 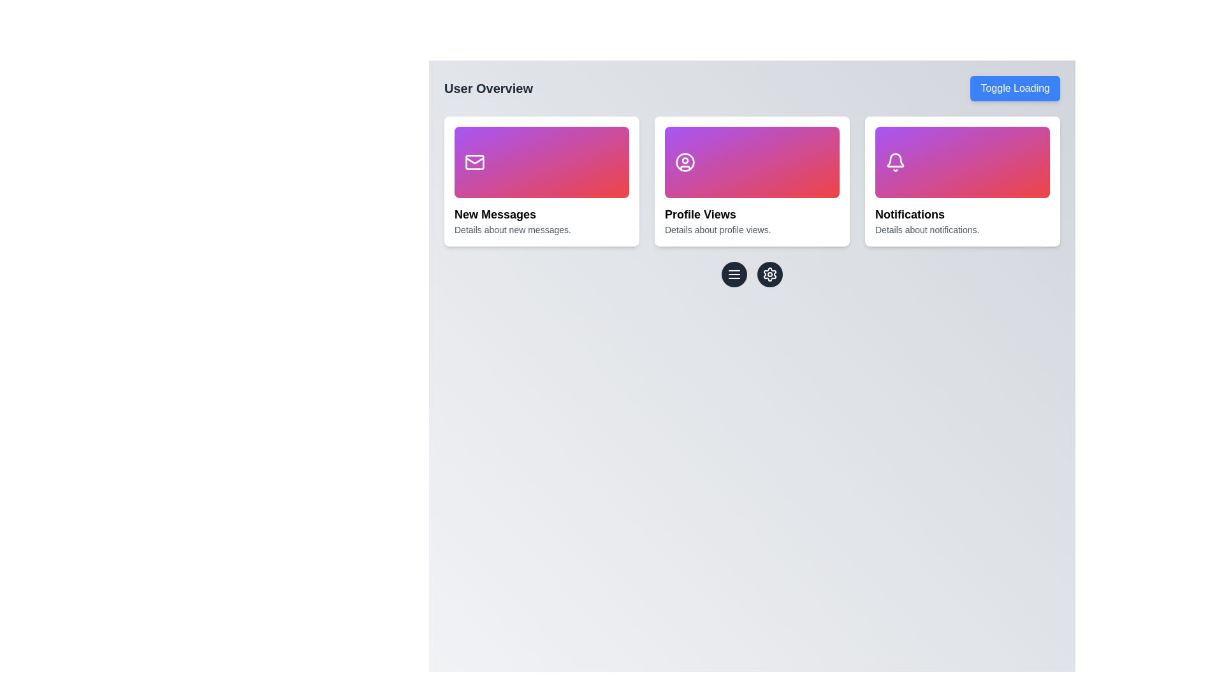 What do you see at coordinates (909, 213) in the screenshot?
I see `the 'Notifications' text label, which is bold and black, located under the bell icon and above the 'Details about notifications.' text in the third column of the information cards` at bounding box center [909, 213].